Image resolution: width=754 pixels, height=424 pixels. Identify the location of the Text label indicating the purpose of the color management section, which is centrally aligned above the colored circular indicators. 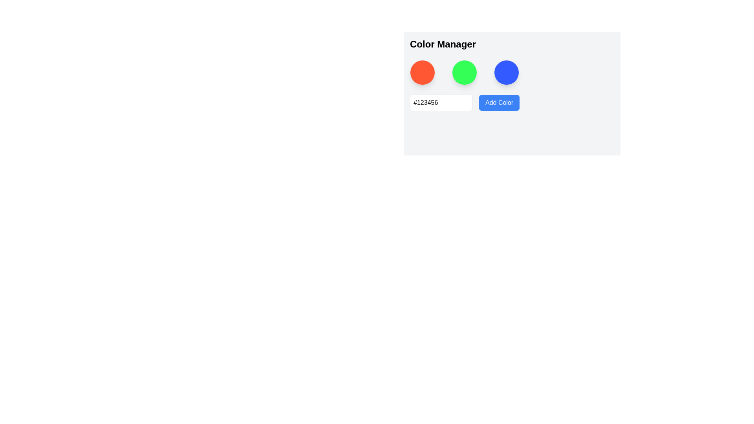
(443, 44).